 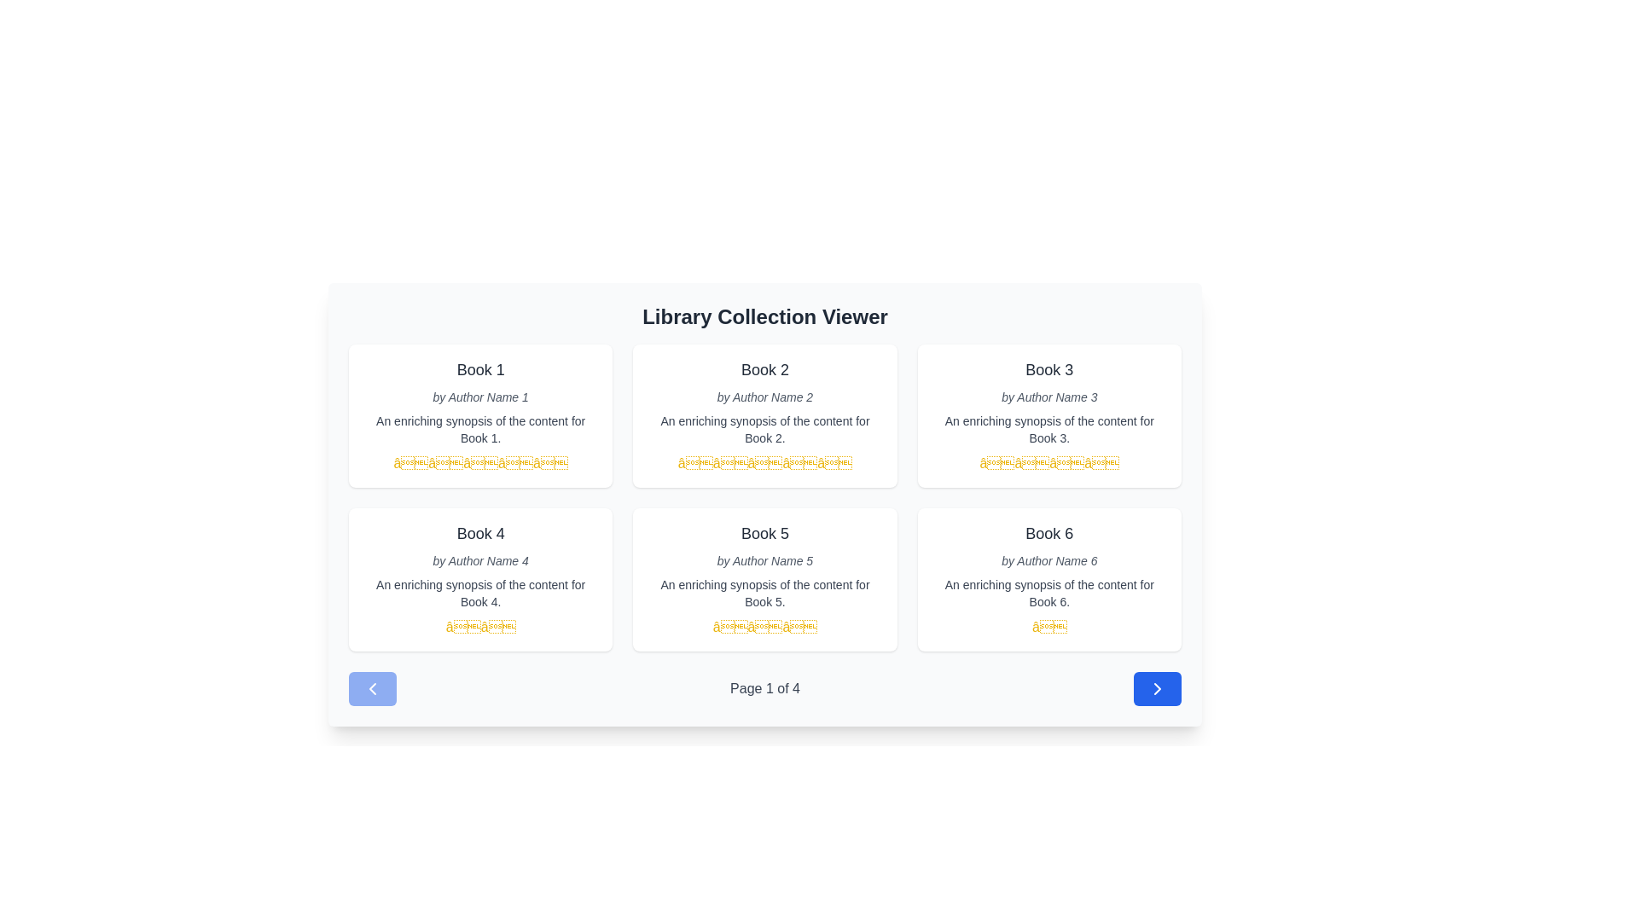 I want to click on the text label displaying 'by Author Name 3', which is styled in light gray and italicized, located below the title 'Book 3', so click(x=1048, y=397).